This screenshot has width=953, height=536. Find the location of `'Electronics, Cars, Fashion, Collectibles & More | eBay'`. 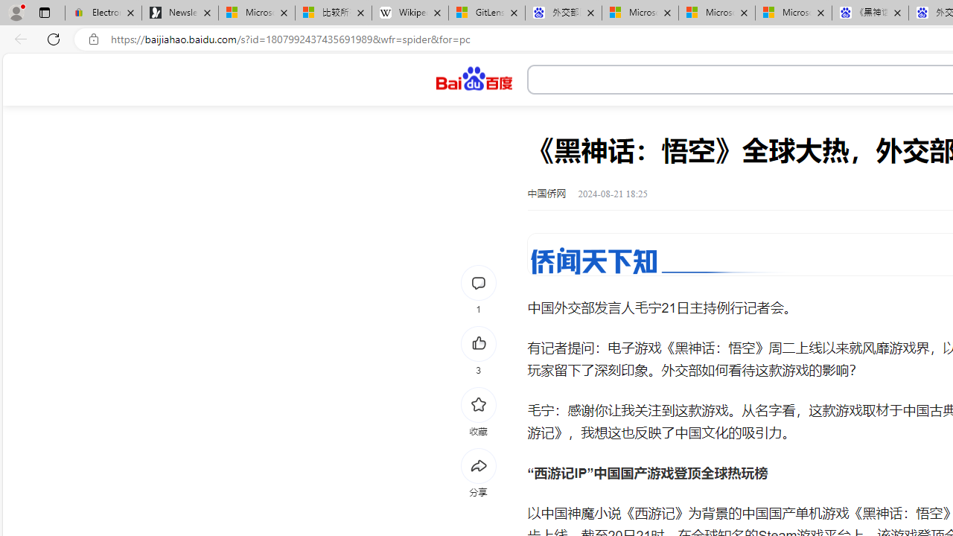

'Electronics, Cars, Fashion, Collectibles & More | eBay' is located at coordinates (102, 13).